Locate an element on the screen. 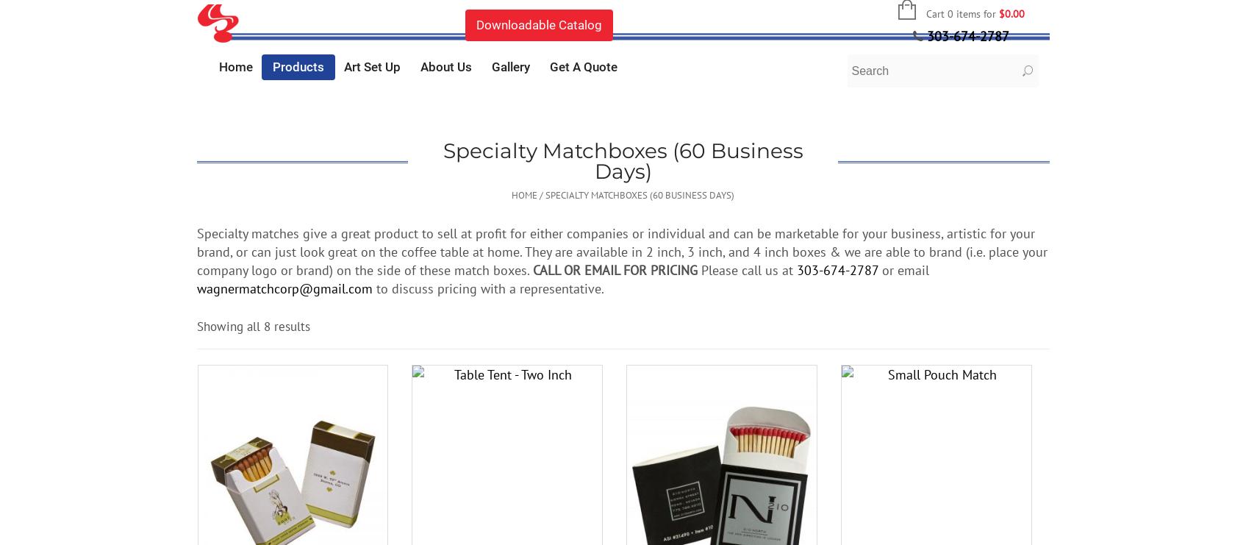  'Downloadable Catalog' is located at coordinates (537, 24).